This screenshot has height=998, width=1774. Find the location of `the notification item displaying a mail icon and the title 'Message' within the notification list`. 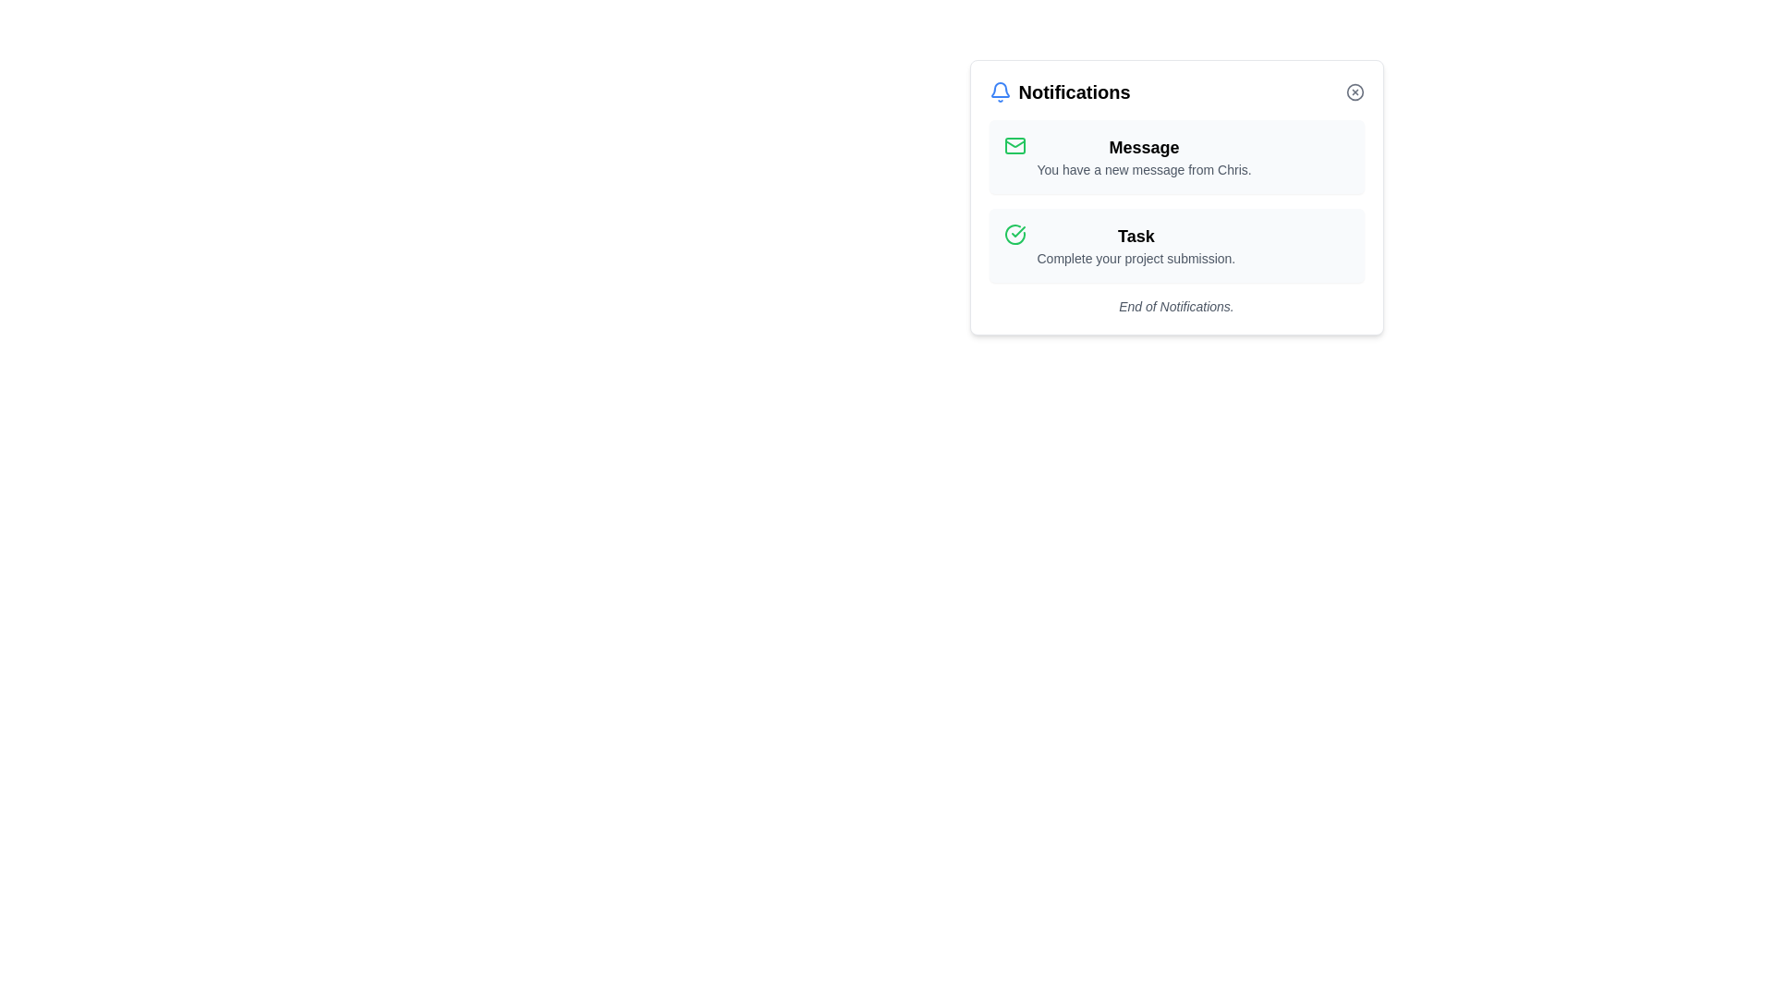

the notification item displaying a mail icon and the title 'Message' within the notification list is located at coordinates (1175, 155).